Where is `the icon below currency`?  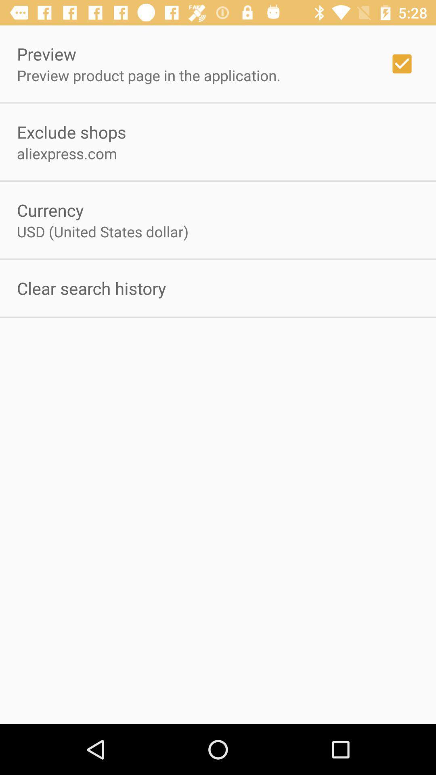
the icon below currency is located at coordinates (102, 231).